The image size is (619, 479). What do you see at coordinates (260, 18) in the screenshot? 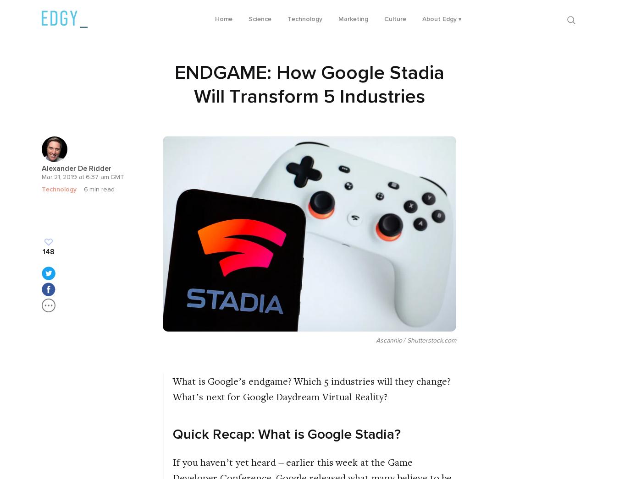
I see `'Science'` at bounding box center [260, 18].